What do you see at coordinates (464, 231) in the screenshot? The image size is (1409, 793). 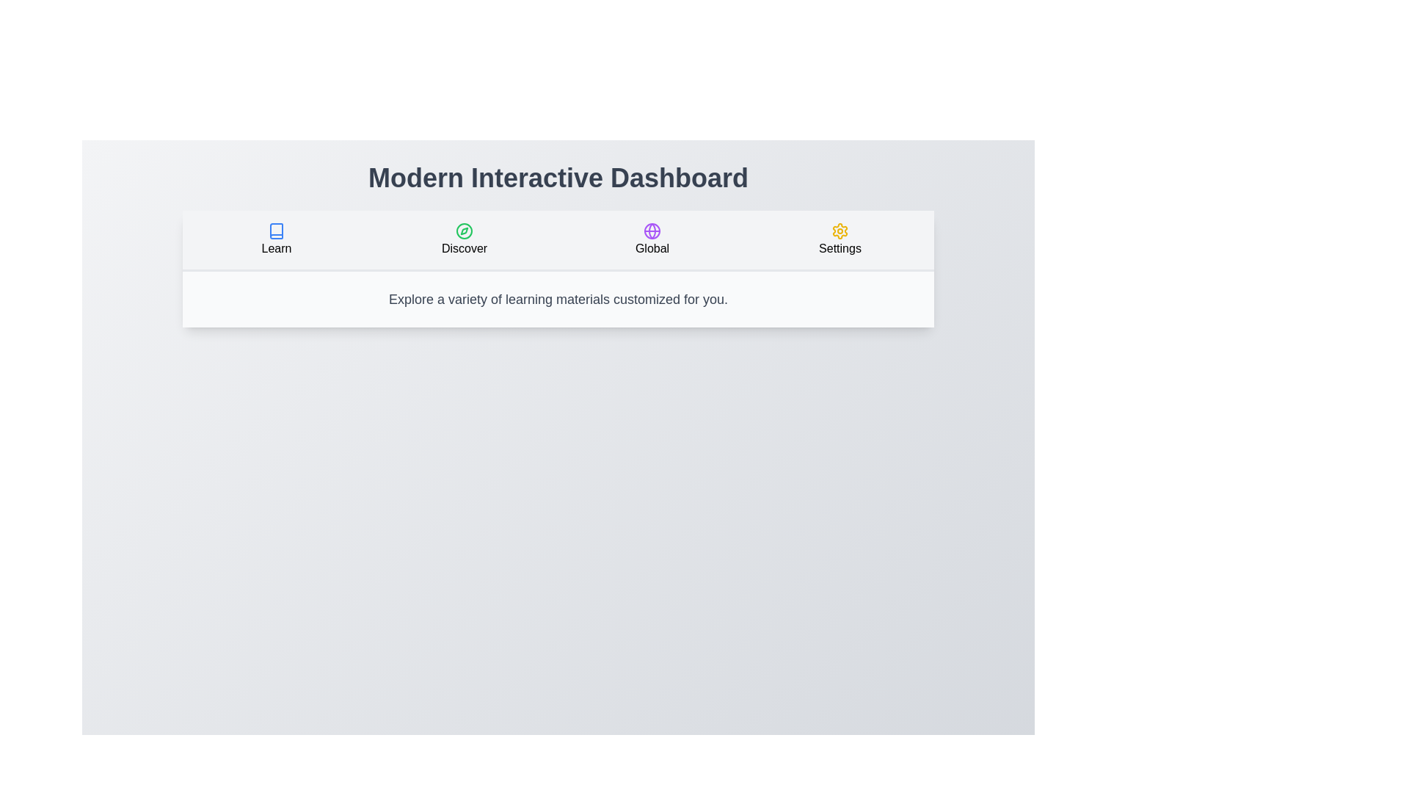 I see `the 'Discover' icon, which is the second icon from the left in the row of four icons at the upper section of the interface, to interact with its associated functionality` at bounding box center [464, 231].